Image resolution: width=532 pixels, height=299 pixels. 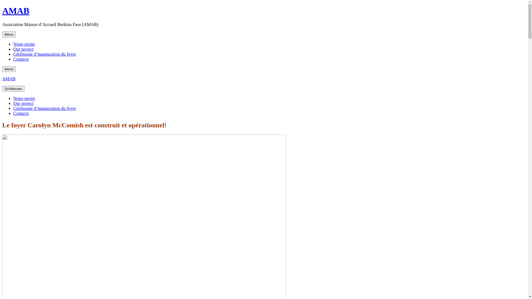 What do you see at coordinates (16, 11) in the screenshot?
I see `'AMAB'` at bounding box center [16, 11].